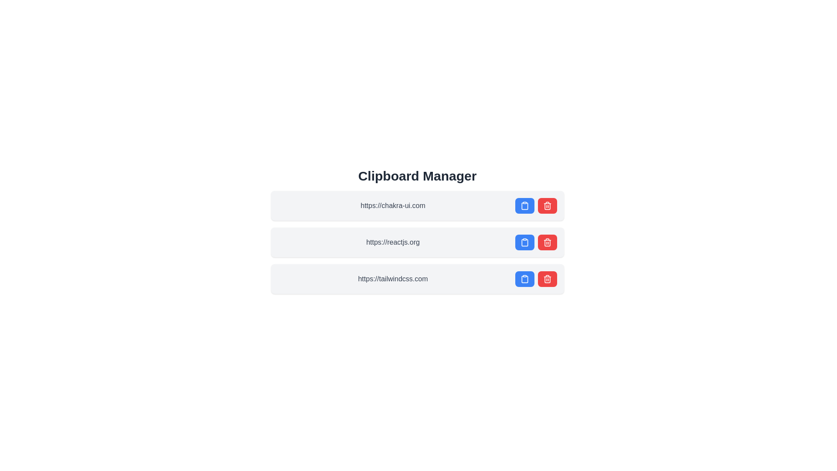  What do you see at coordinates (524, 205) in the screenshot?
I see `the clipboard icon, which is a blue rectangular clipboard with a clip at the top, located on the right side of the first row in a list of URLs` at bounding box center [524, 205].